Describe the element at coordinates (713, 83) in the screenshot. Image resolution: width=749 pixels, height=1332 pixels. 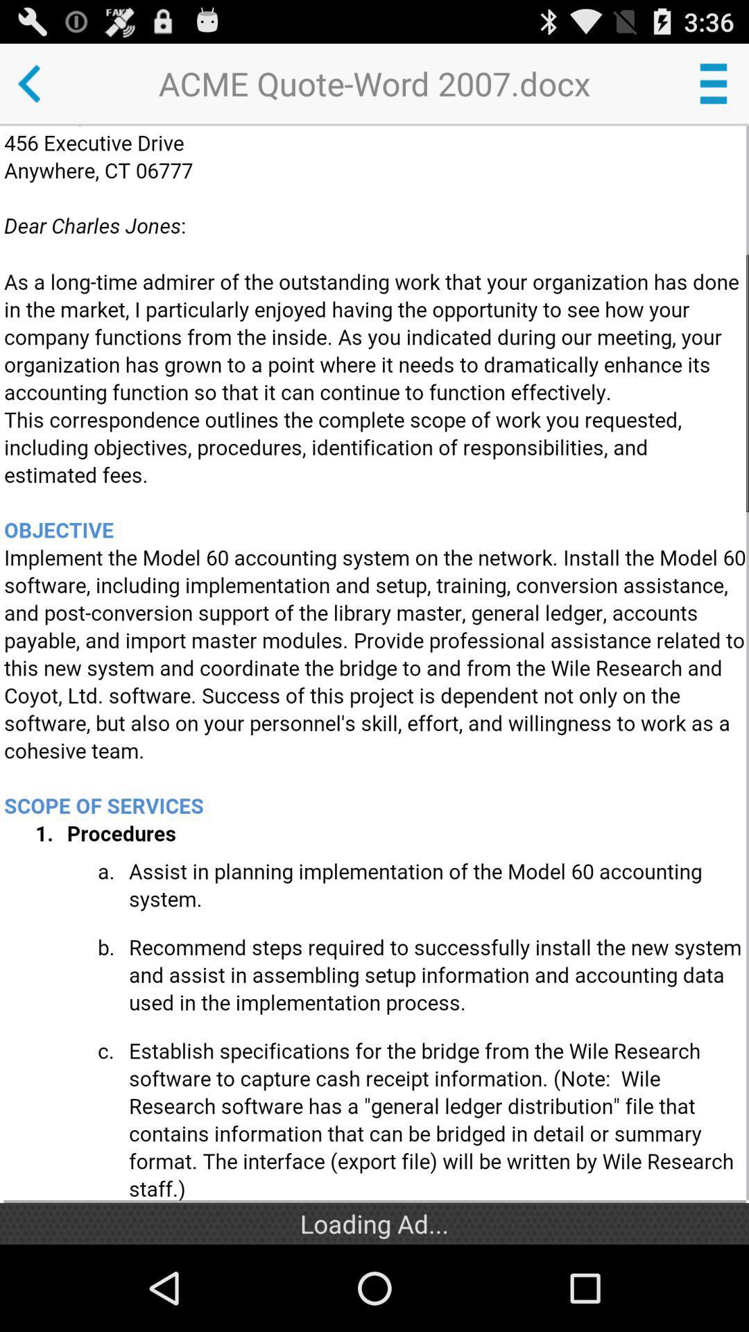
I see `open menu` at that location.